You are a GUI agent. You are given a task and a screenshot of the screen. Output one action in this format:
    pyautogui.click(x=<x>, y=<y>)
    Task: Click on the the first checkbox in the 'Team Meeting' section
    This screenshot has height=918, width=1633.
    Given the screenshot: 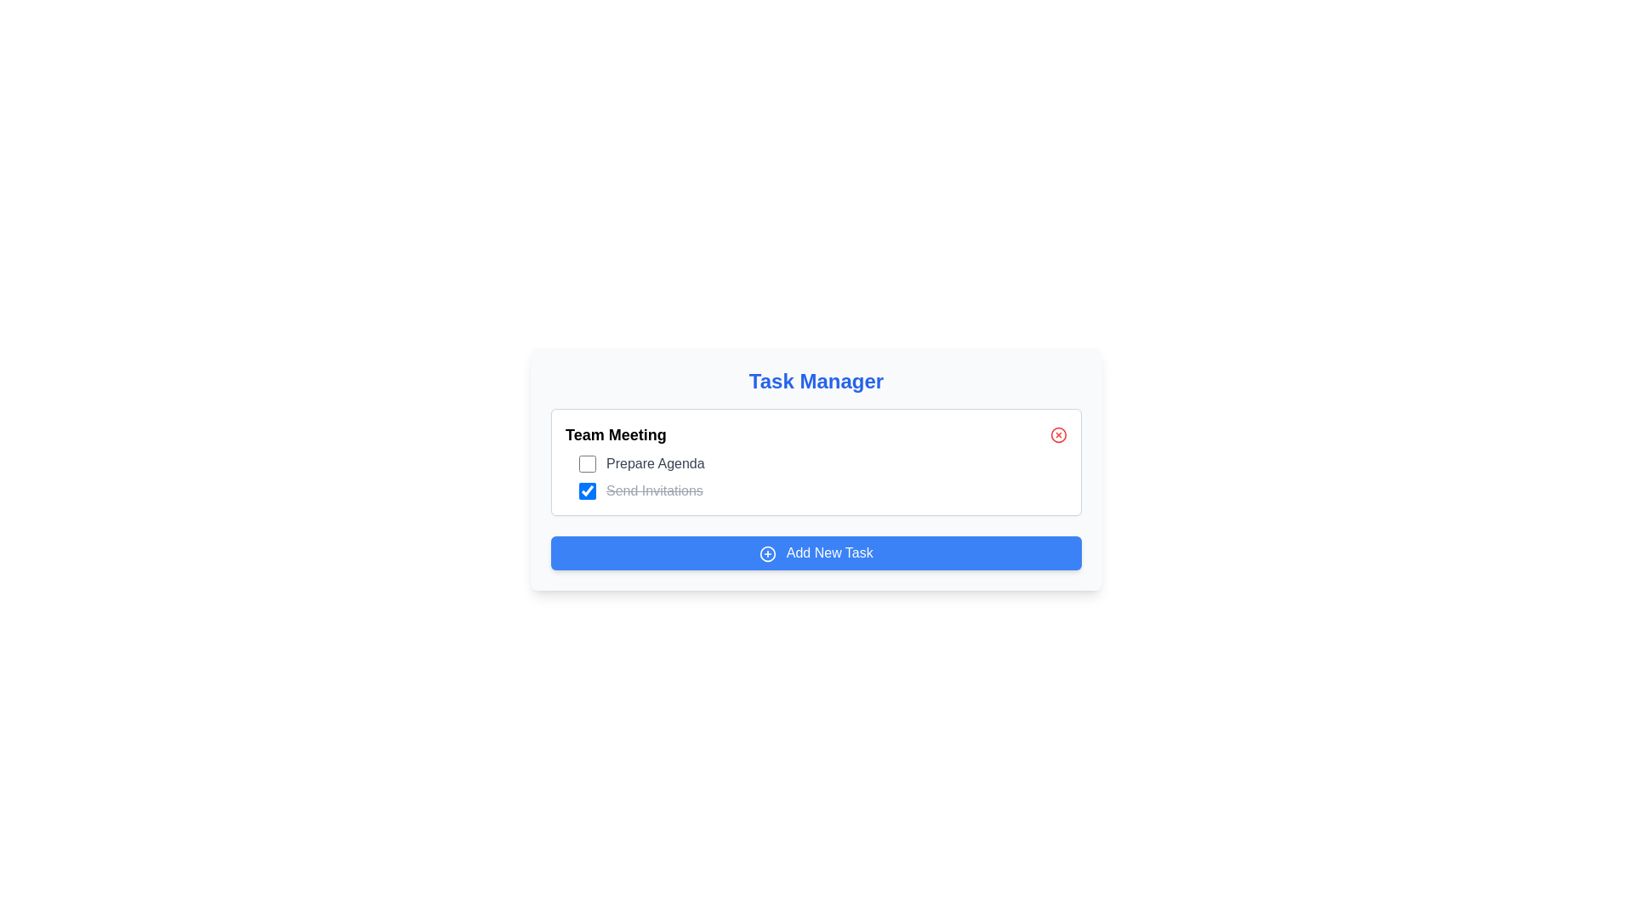 What is the action you would take?
    pyautogui.click(x=588, y=464)
    